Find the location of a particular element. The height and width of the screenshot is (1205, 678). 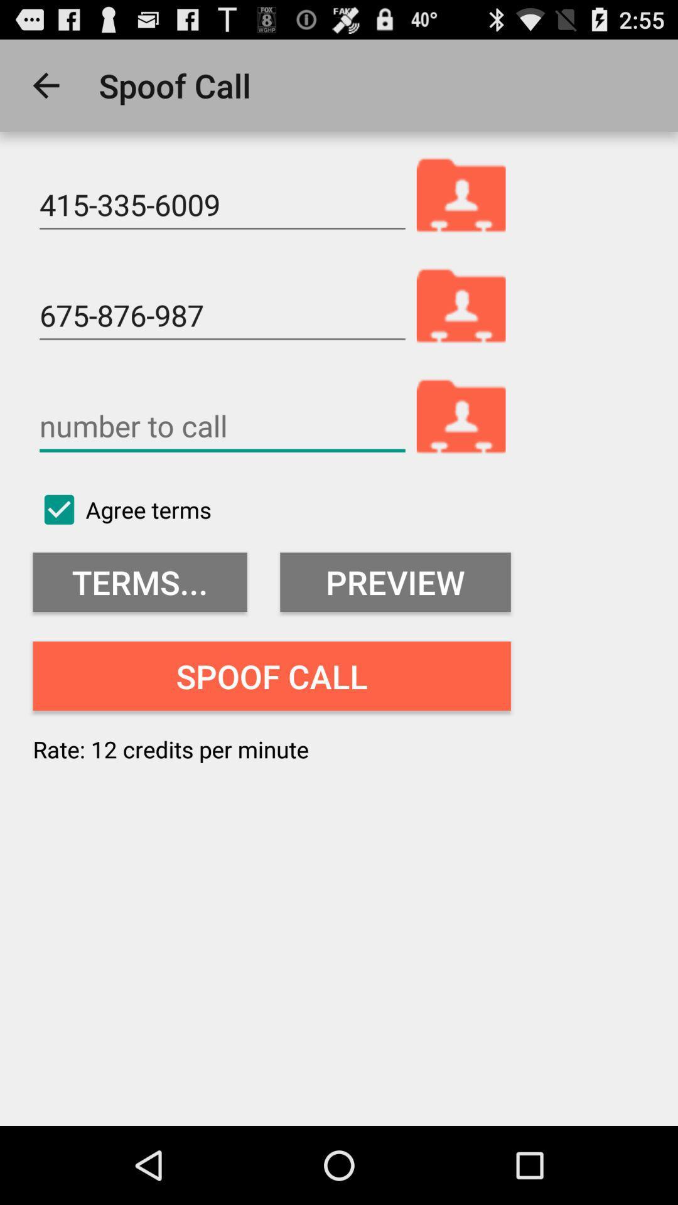

the 415-335-6009 is located at coordinates (222, 205).